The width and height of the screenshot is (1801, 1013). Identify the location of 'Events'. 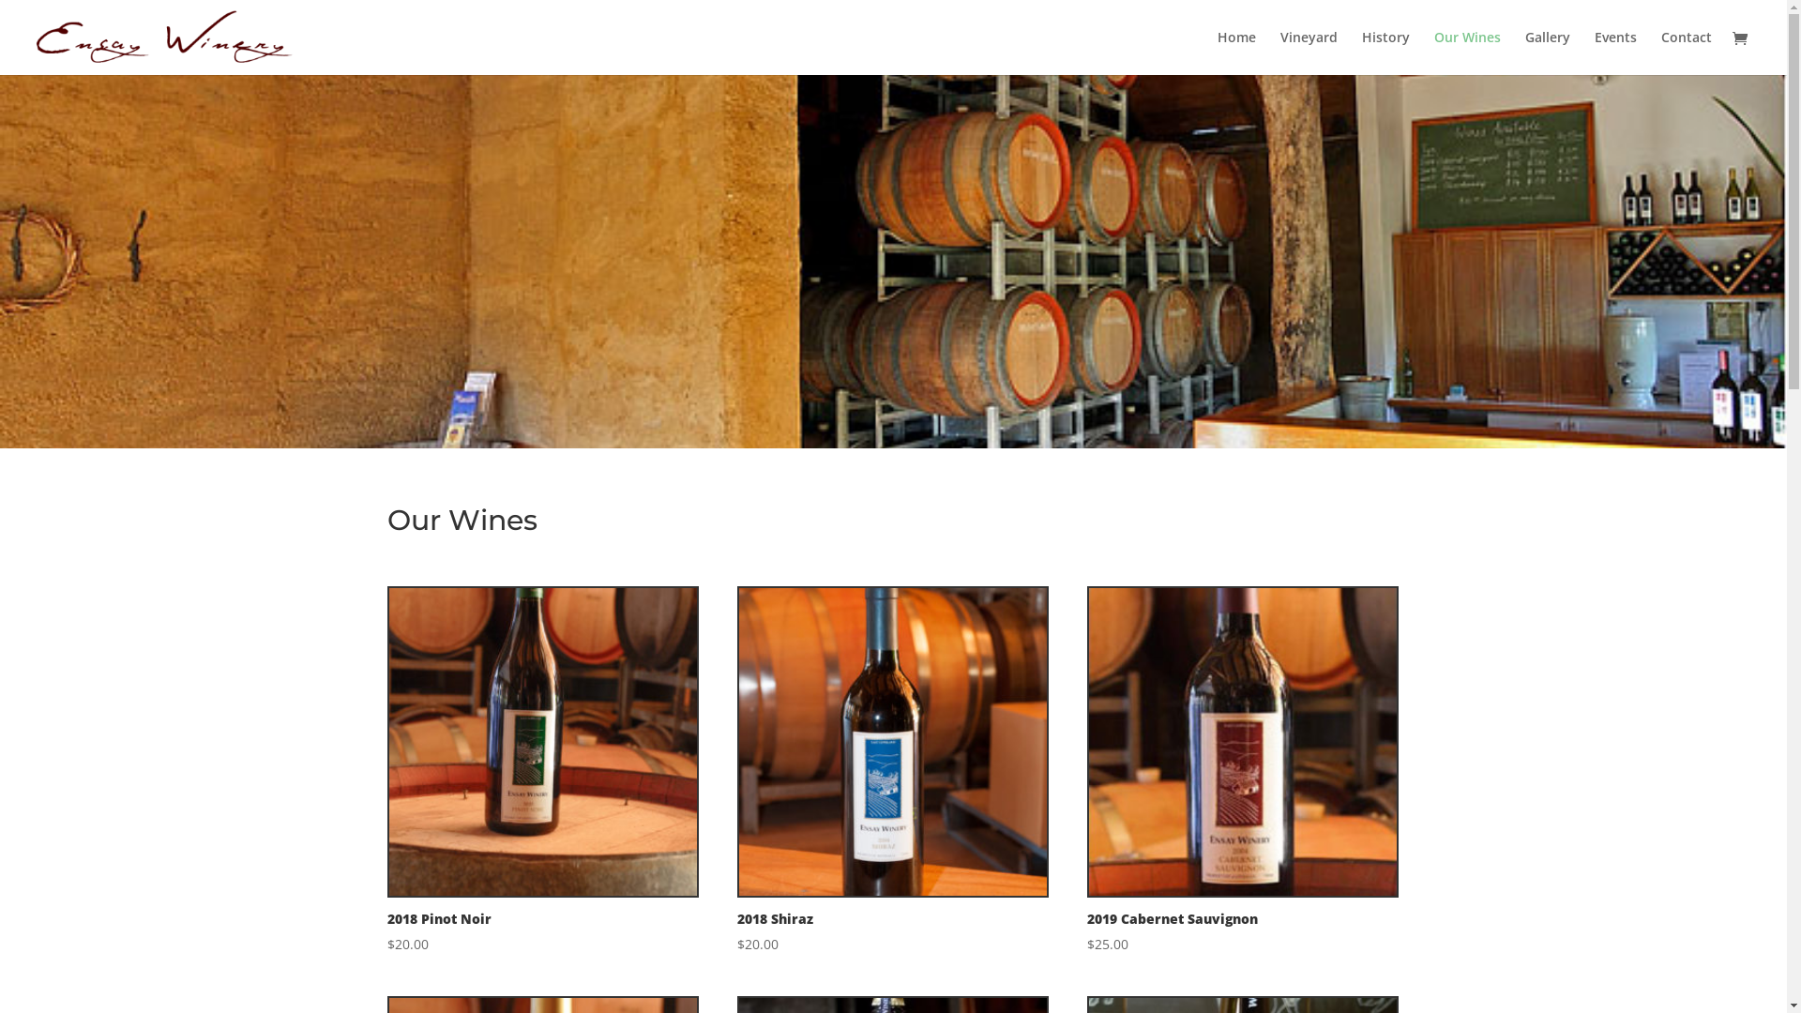
(1614, 52).